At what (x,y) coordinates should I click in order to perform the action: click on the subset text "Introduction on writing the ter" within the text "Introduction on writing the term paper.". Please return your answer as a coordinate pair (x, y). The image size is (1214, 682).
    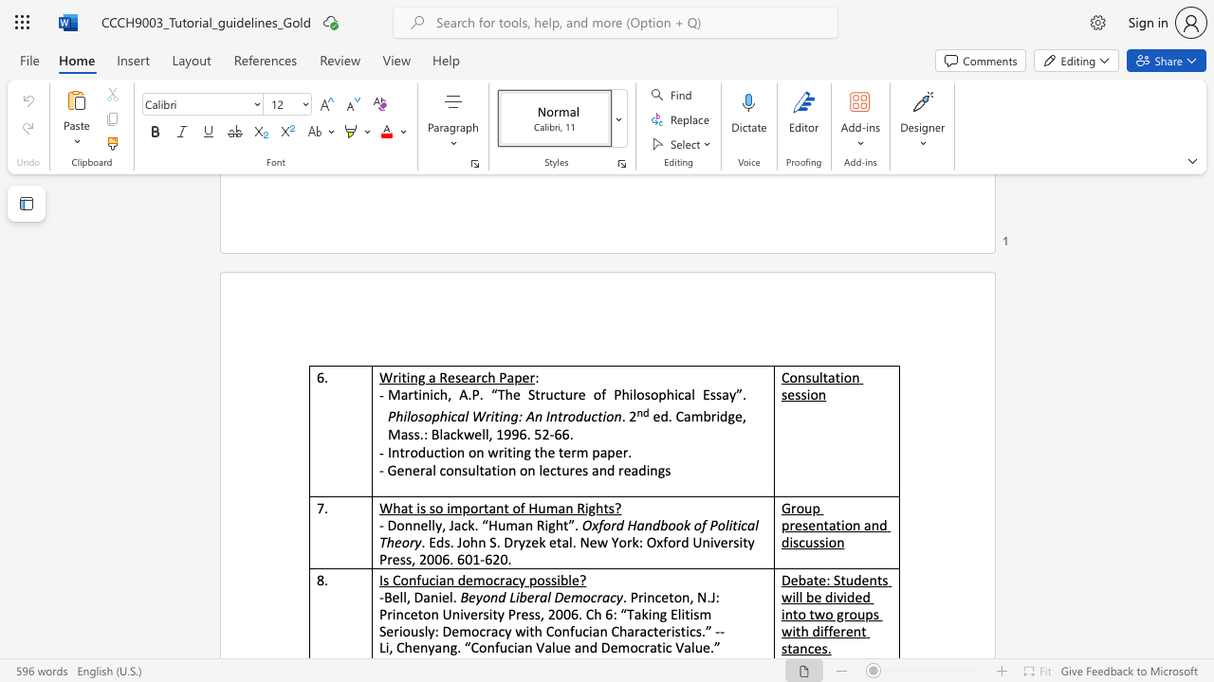
    Looking at the image, I should click on (386, 452).